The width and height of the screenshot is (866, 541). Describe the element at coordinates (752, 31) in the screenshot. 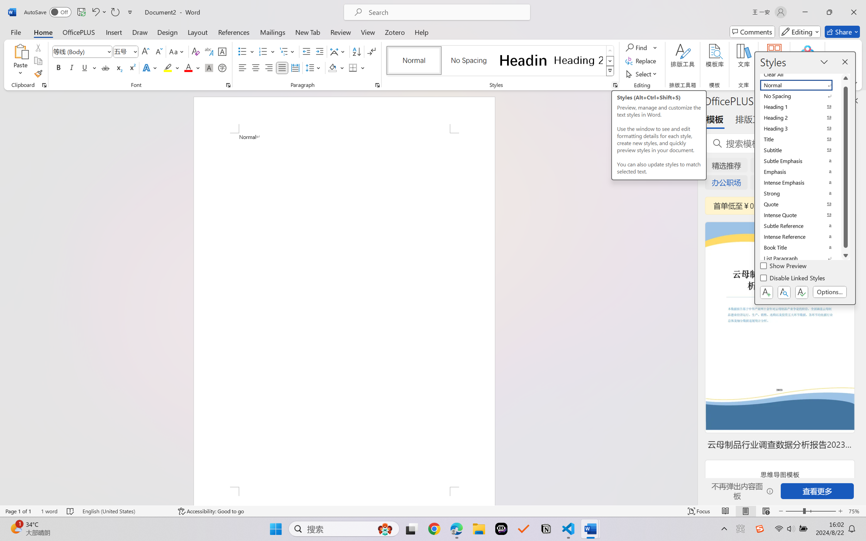

I see `'Comments'` at that location.